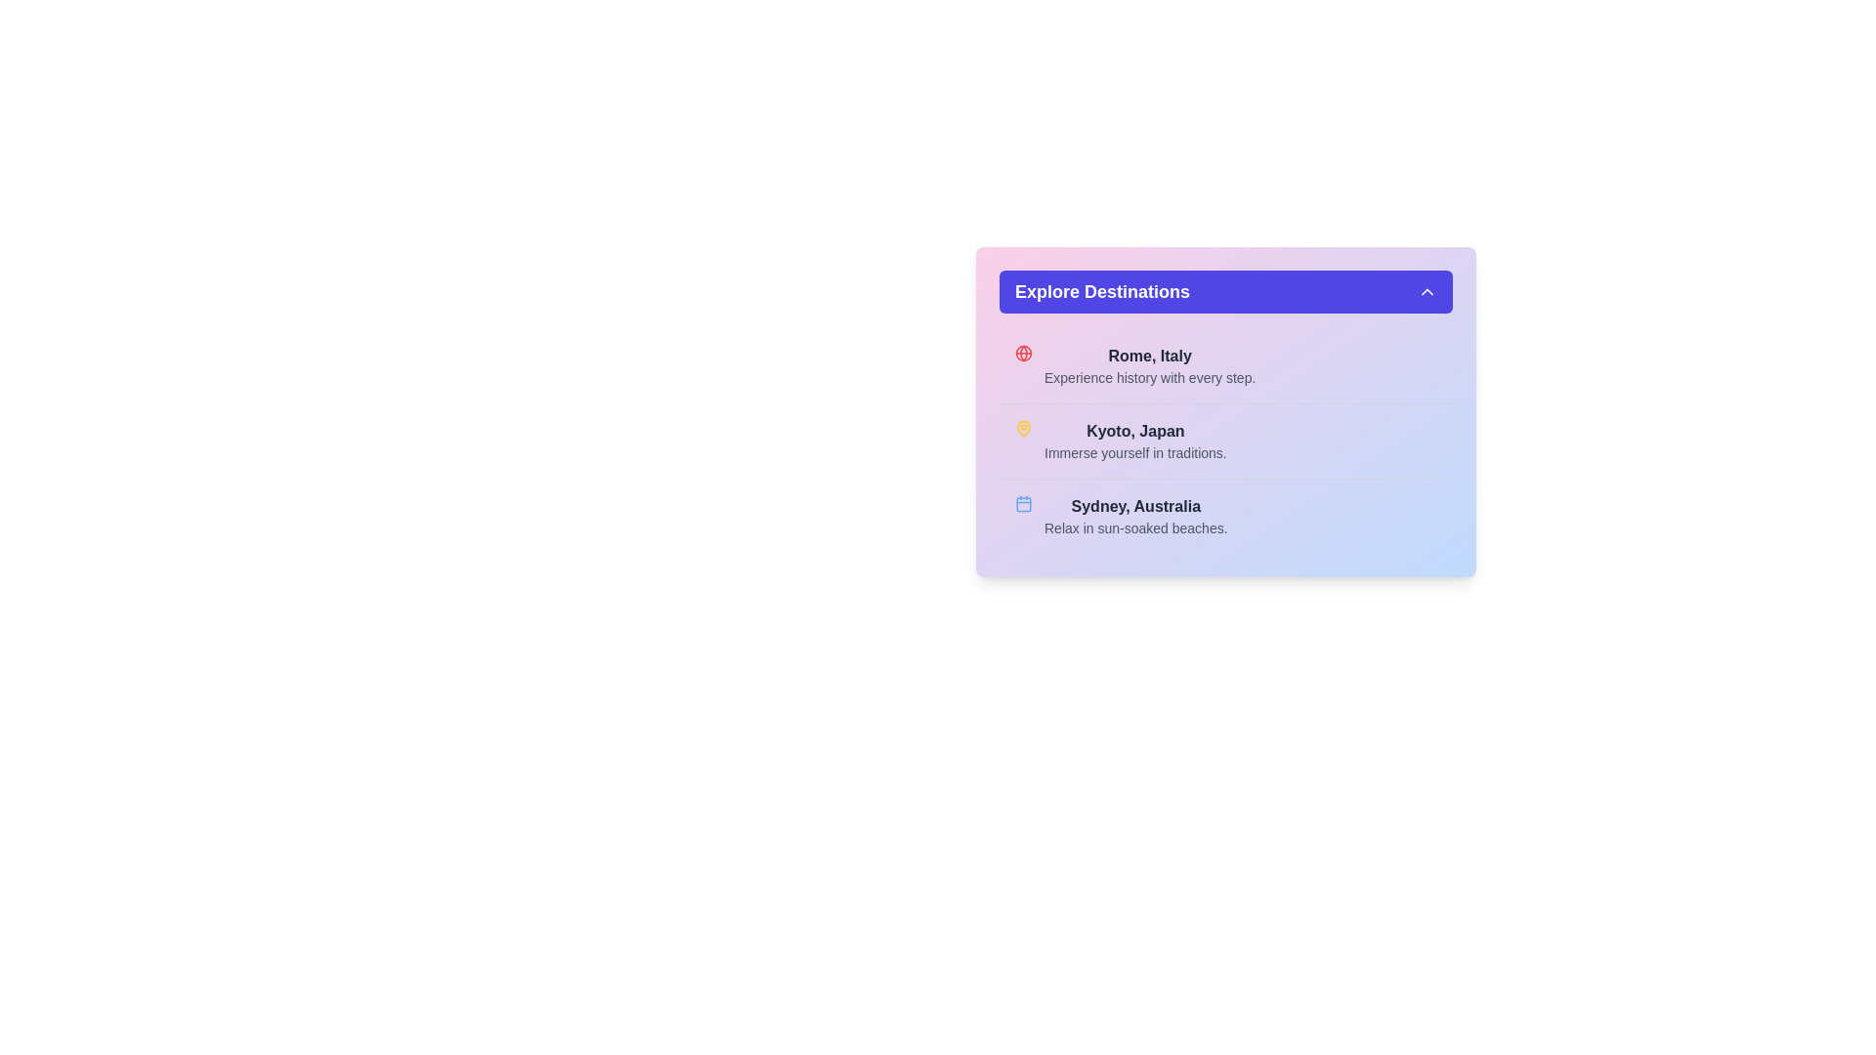 Image resolution: width=1876 pixels, height=1055 pixels. I want to click on the clickable information block for 'Sydney, Australia', so click(1224, 515).